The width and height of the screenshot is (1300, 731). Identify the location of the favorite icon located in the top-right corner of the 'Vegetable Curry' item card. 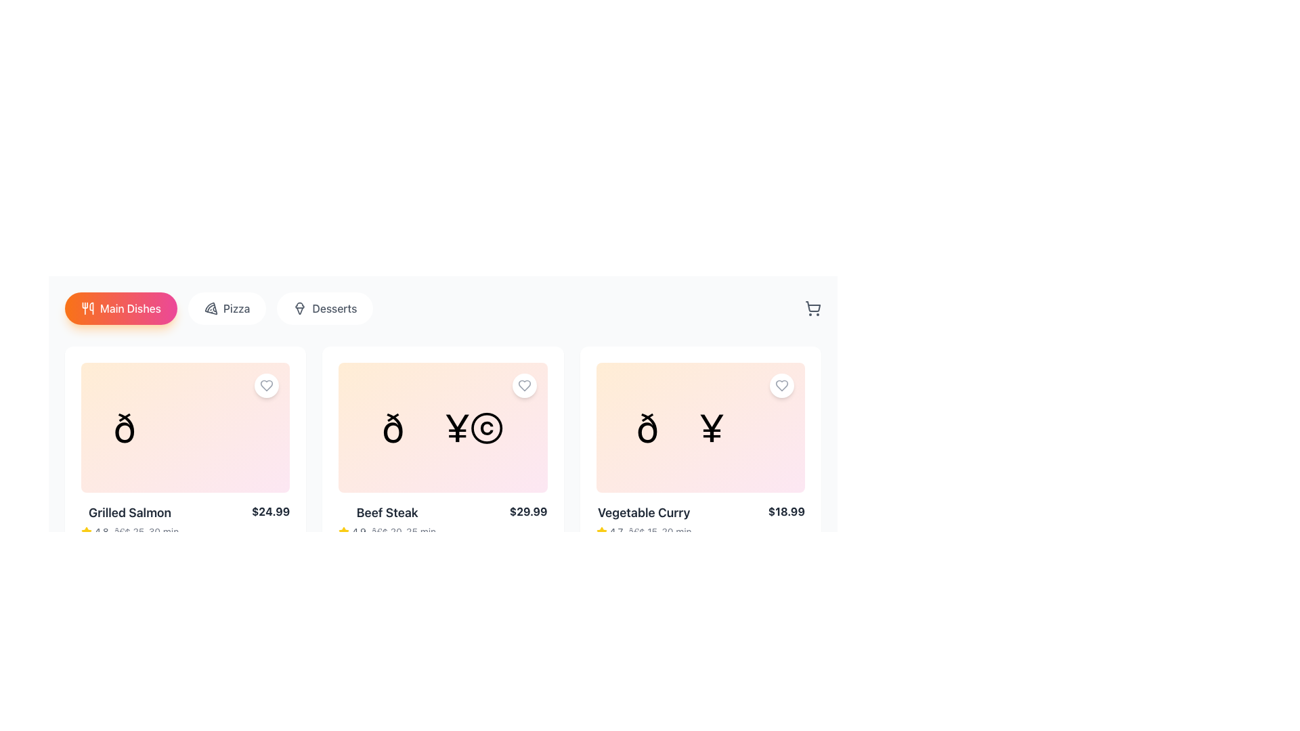
(782, 386).